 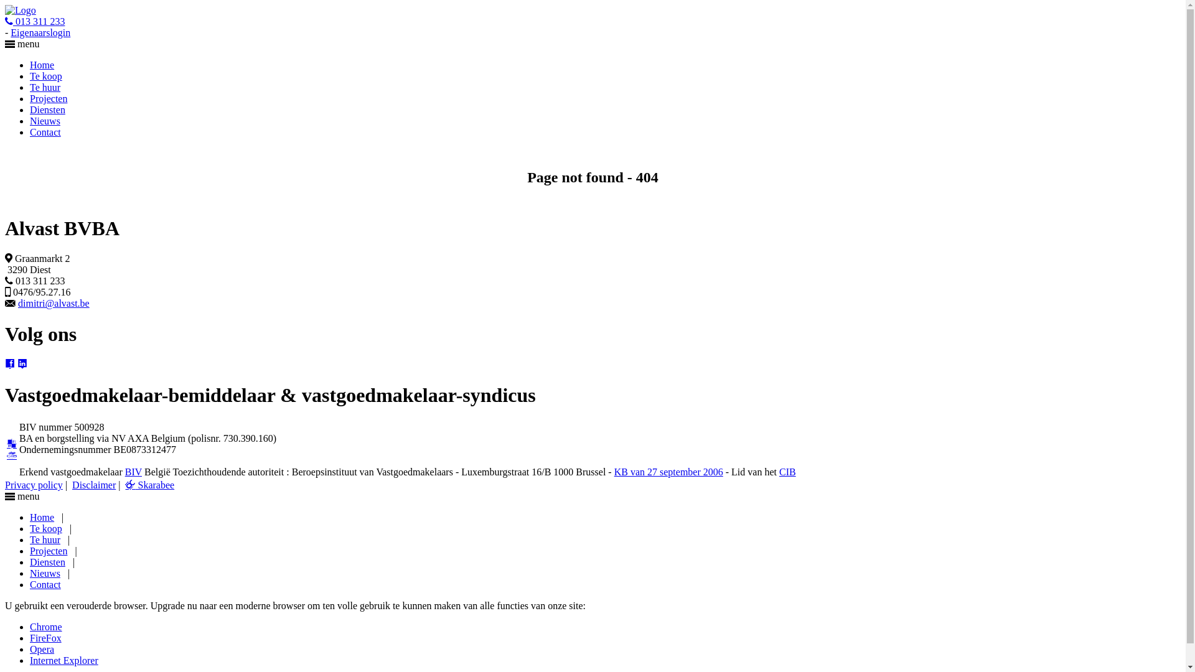 What do you see at coordinates (47, 562) in the screenshot?
I see `'Diensten'` at bounding box center [47, 562].